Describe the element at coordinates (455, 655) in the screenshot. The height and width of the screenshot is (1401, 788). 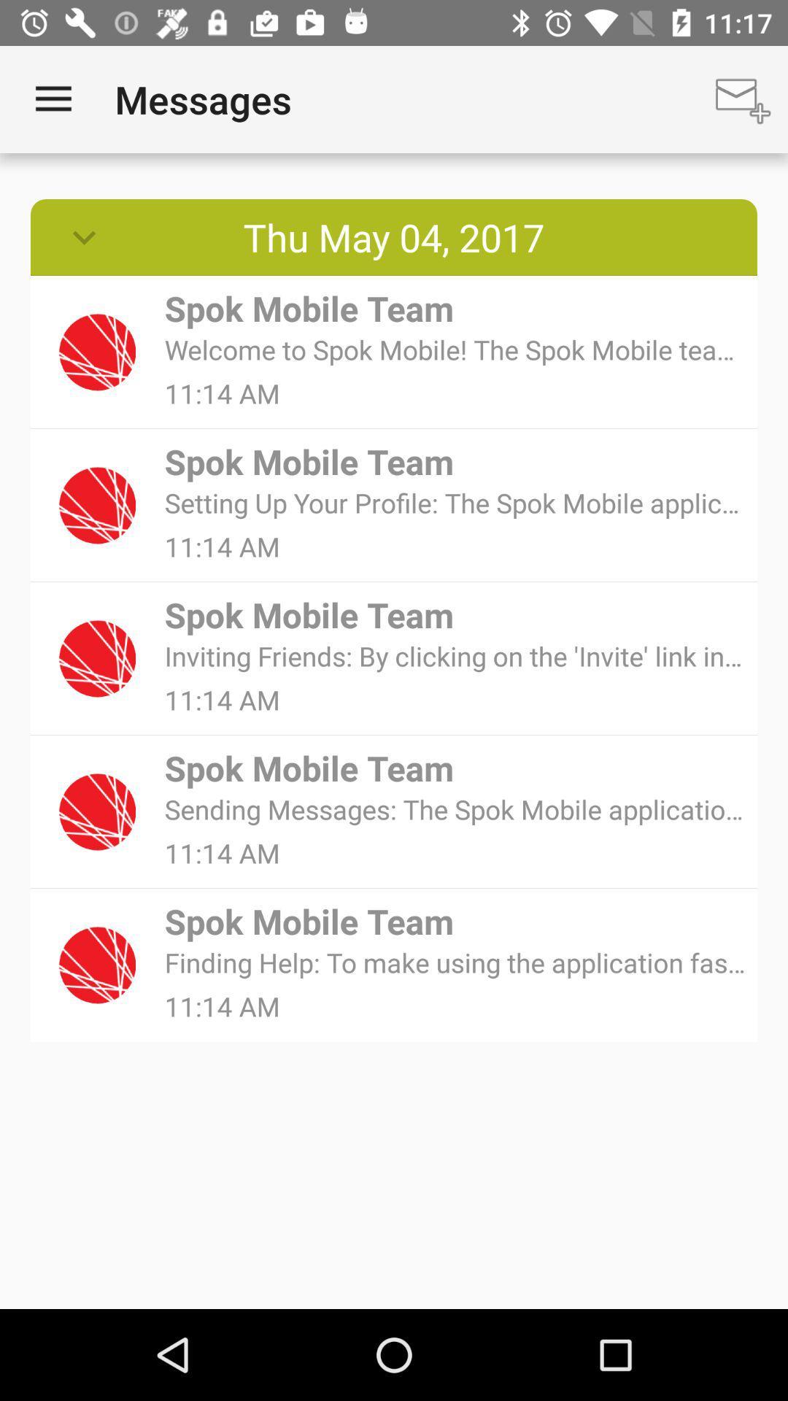
I see `icon below the spok mobile team item` at that location.